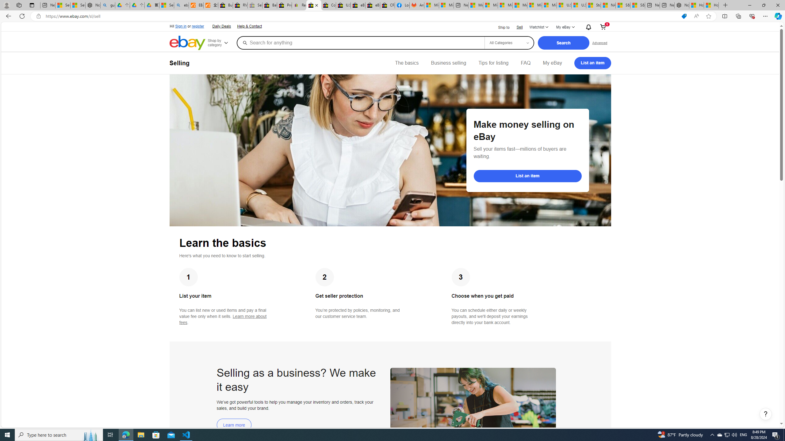 The width and height of the screenshot is (785, 441). Describe the element at coordinates (407, 62) in the screenshot. I see `'The basics'` at that location.